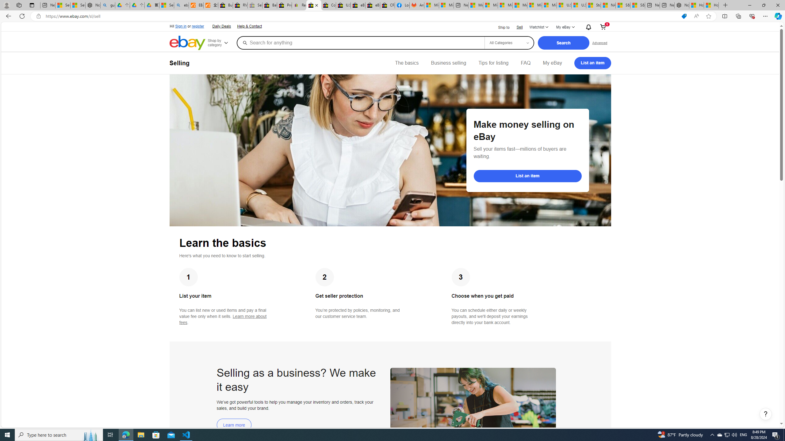 The width and height of the screenshot is (785, 441). Describe the element at coordinates (407, 62) in the screenshot. I see `'The basics'` at that location.